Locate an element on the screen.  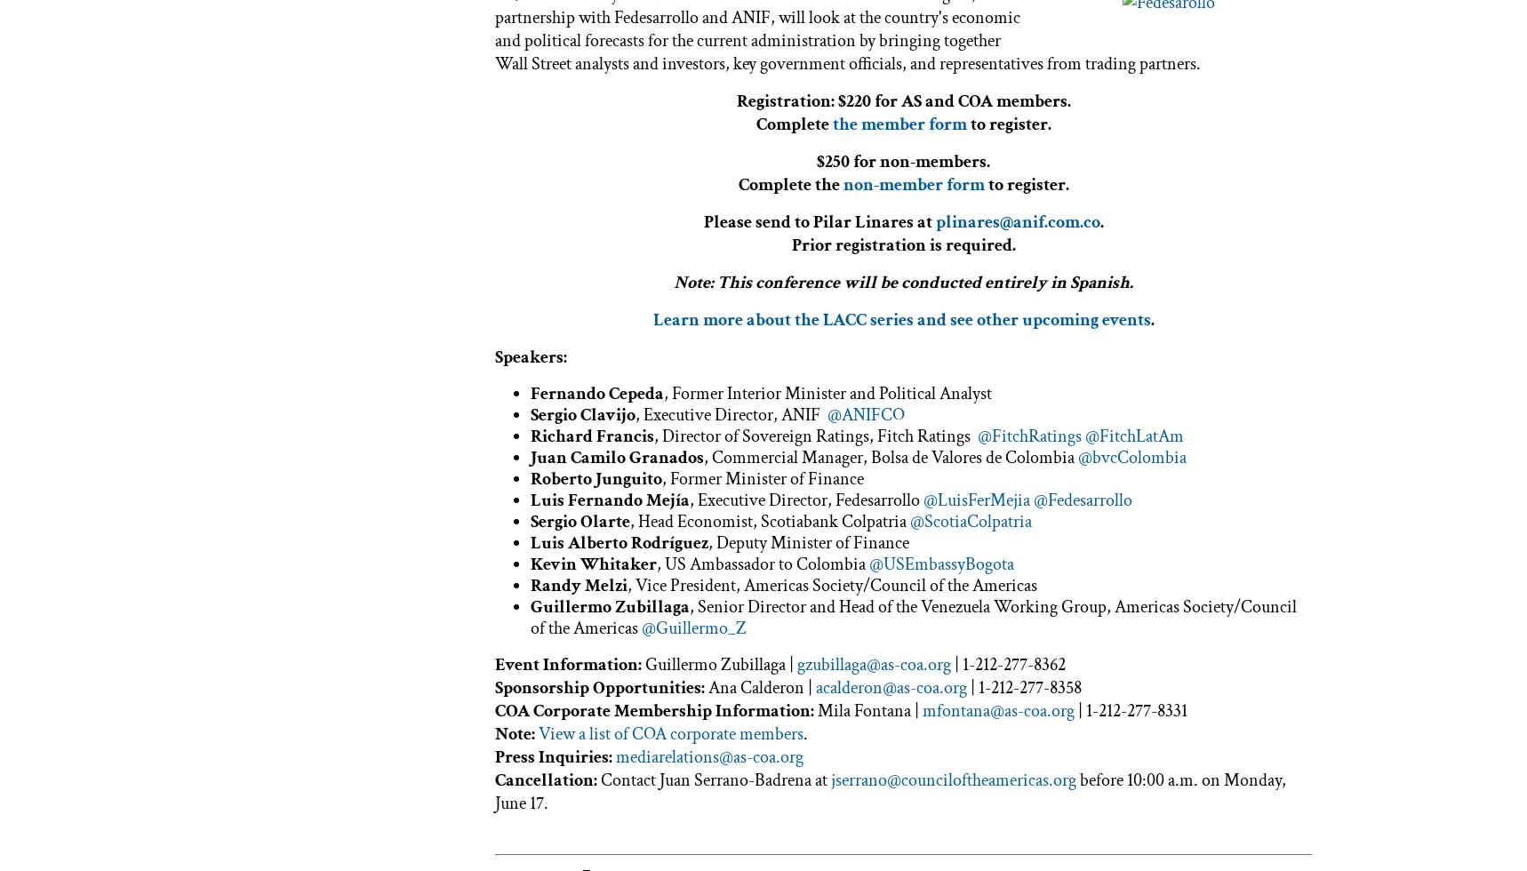
'plinares@anif.com.co' is located at coordinates (1017, 221).